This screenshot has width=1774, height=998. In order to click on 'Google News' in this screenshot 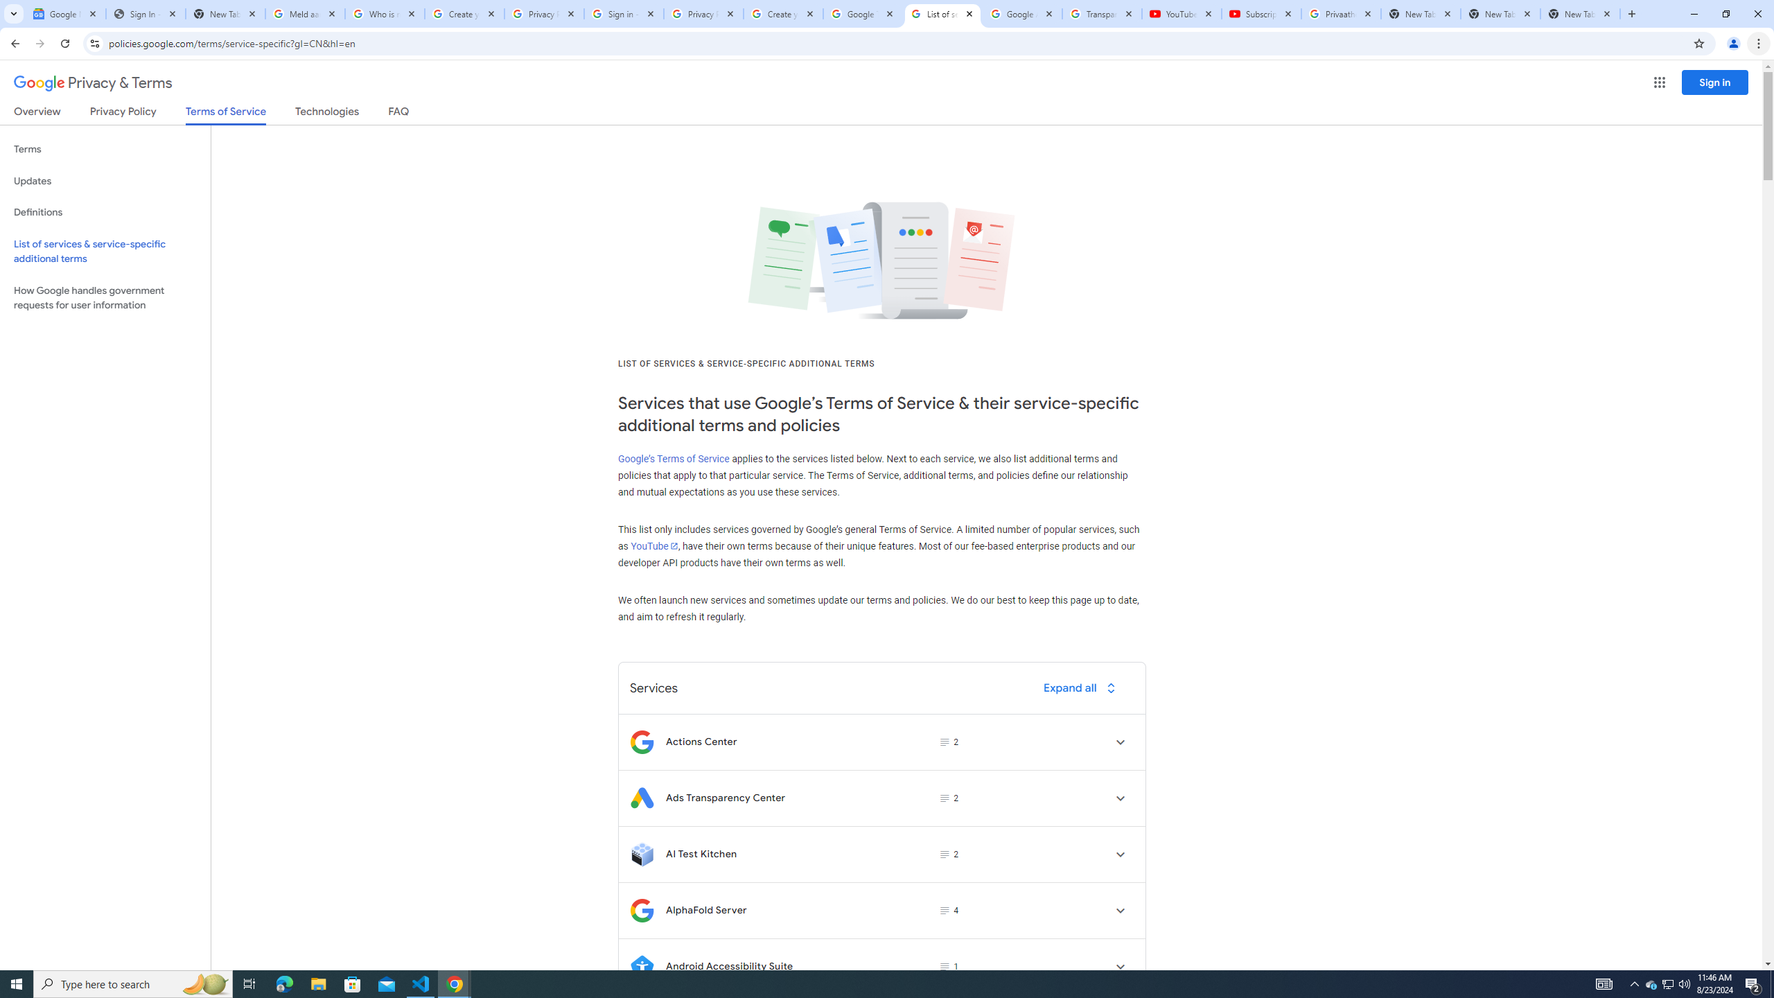, I will do `click(64, 13)`.